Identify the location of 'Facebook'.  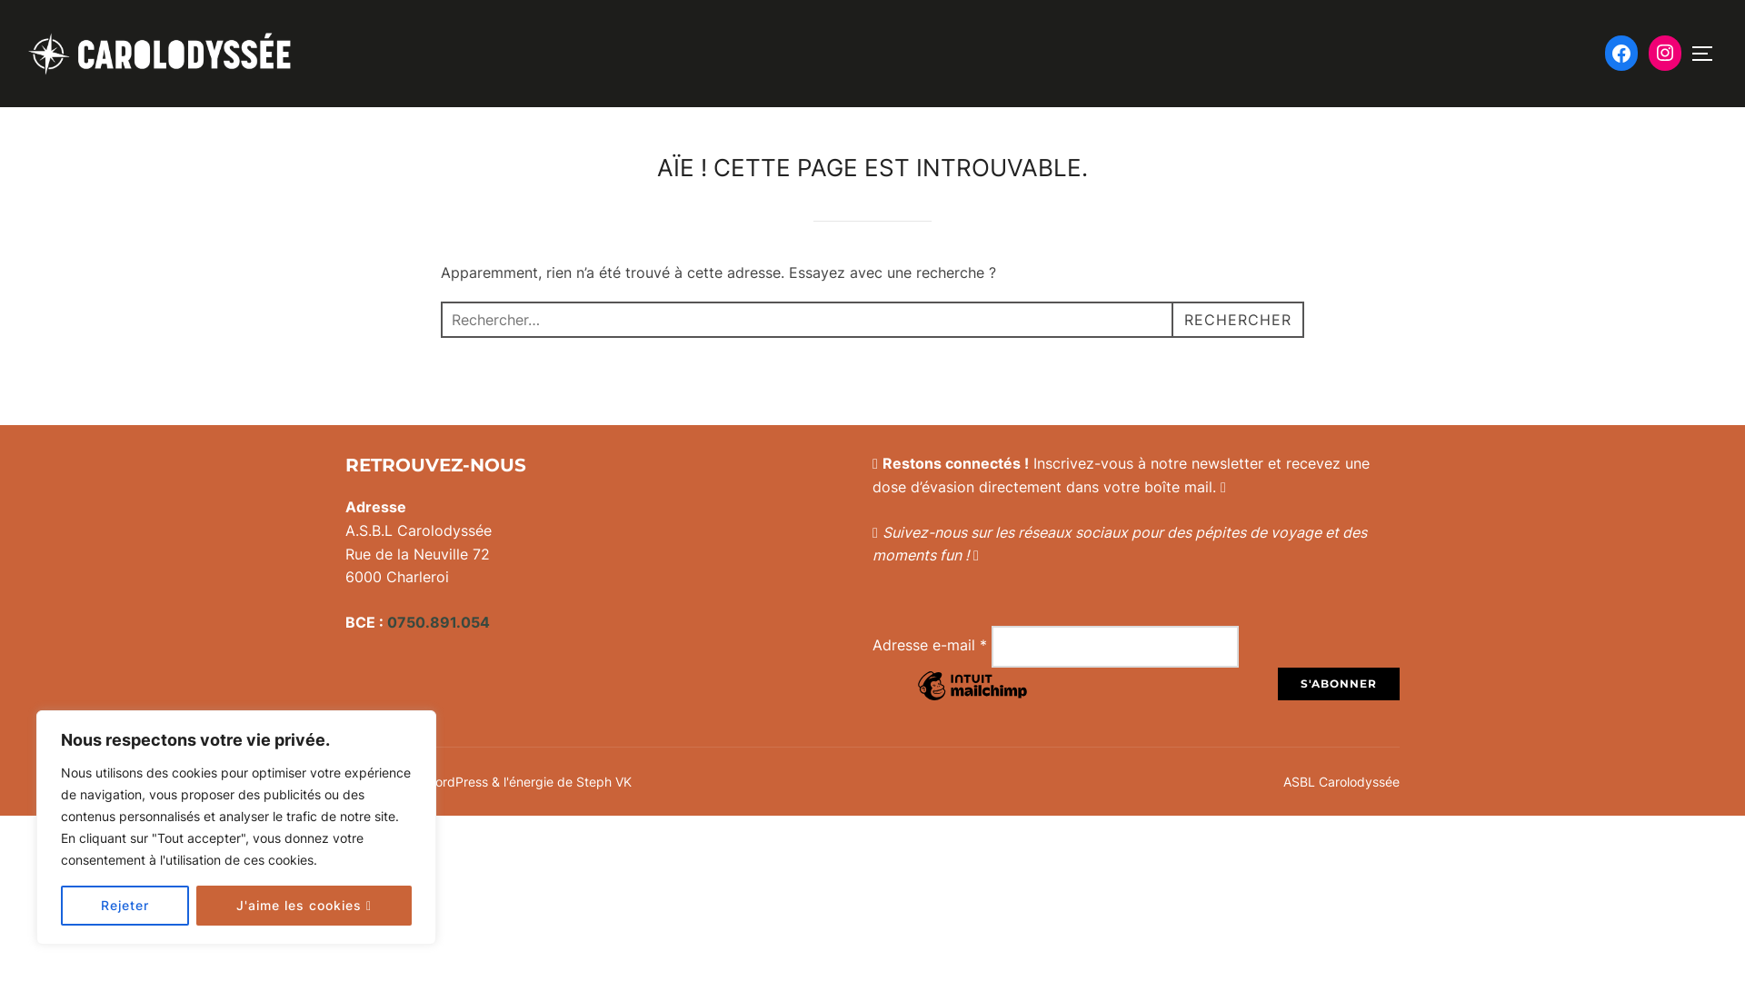
(1621, 52).